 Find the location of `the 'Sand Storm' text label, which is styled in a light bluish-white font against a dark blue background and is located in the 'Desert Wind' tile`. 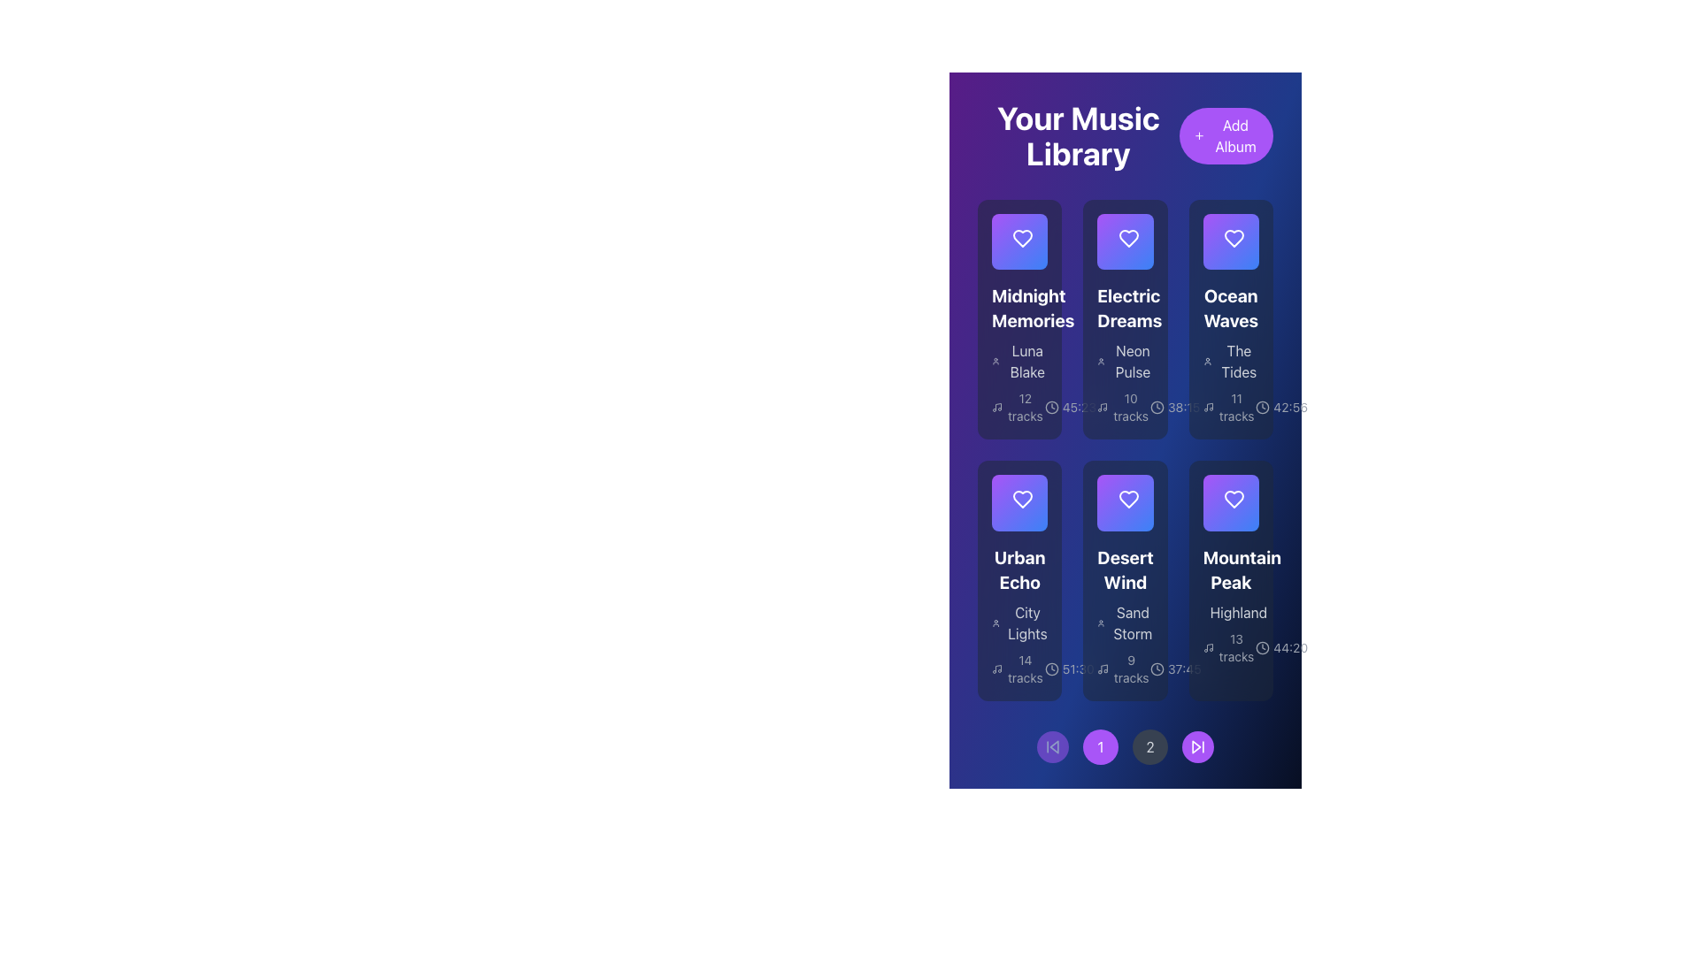

the 'Sand Storm' text label, which is styled in a light bluish-white font against a dark blue background and is located in the 'Desert Wind' tile is located at coordinates (1133, 622).